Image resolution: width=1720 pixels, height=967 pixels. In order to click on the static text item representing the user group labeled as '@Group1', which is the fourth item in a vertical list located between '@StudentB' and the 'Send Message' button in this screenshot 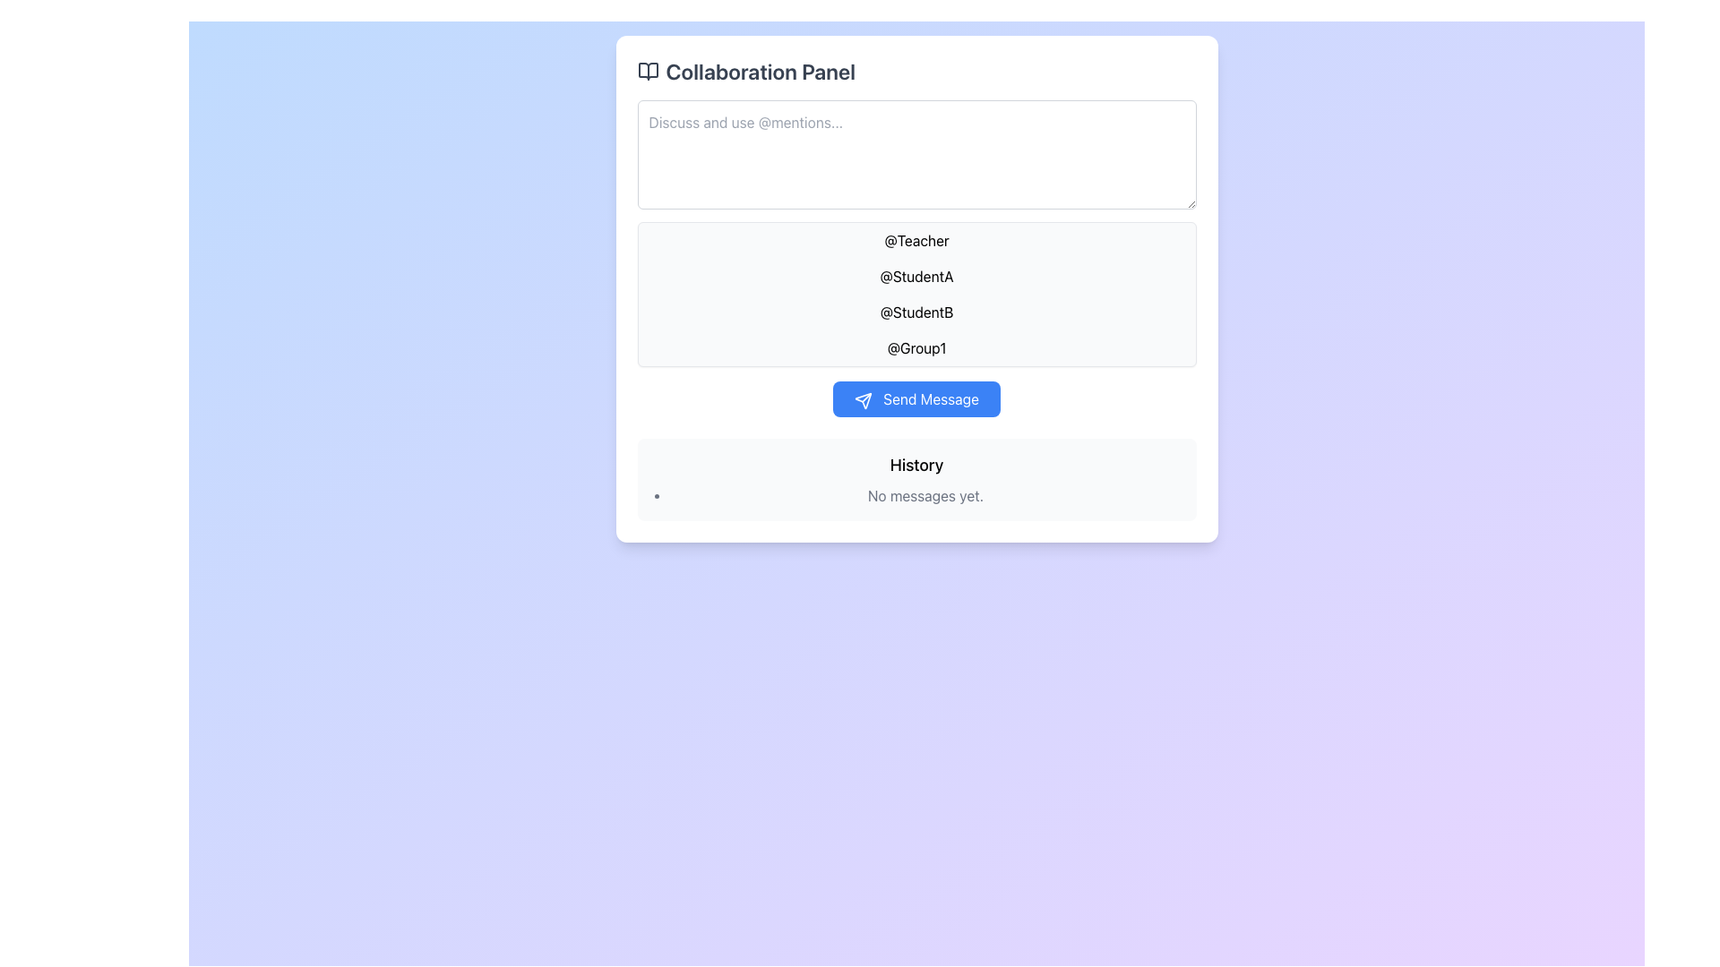, I will do `click(916, 348)`.